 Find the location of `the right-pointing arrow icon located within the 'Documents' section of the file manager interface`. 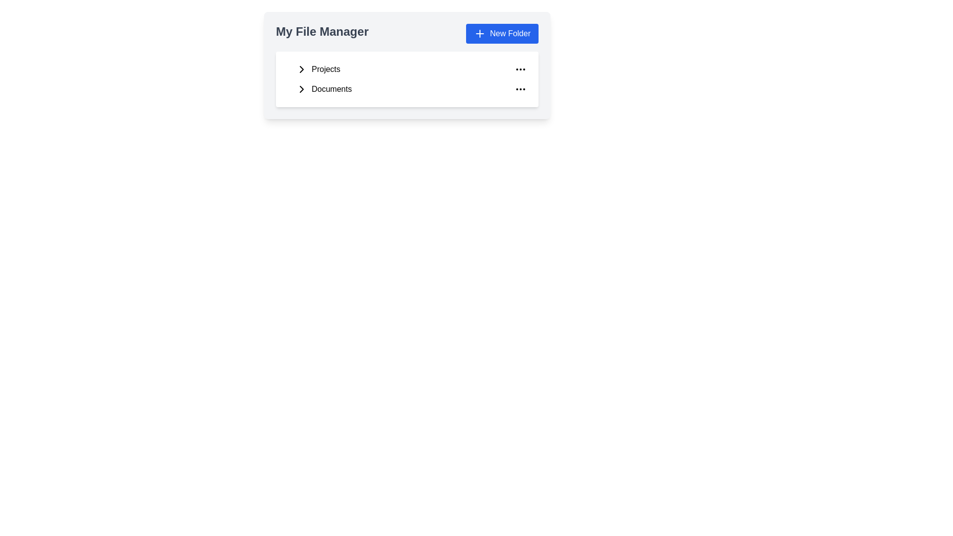

the right-pointing arrow icon located within the 'Documents' section of the file manager interface is located at coordinates (301, 89).